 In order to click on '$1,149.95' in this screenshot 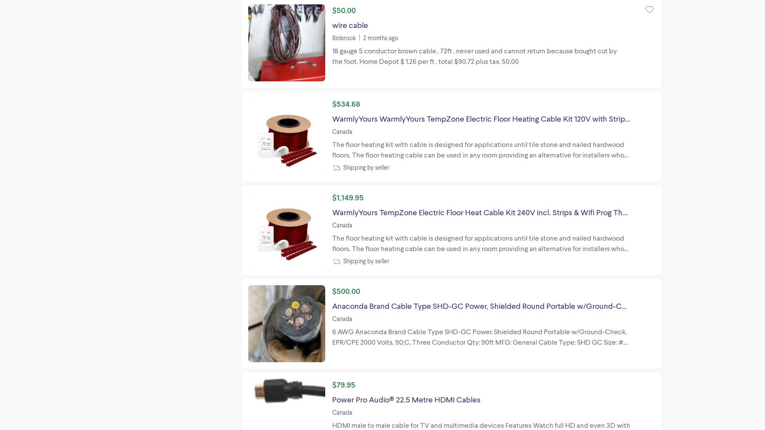, I will do `click(348, 196)`.